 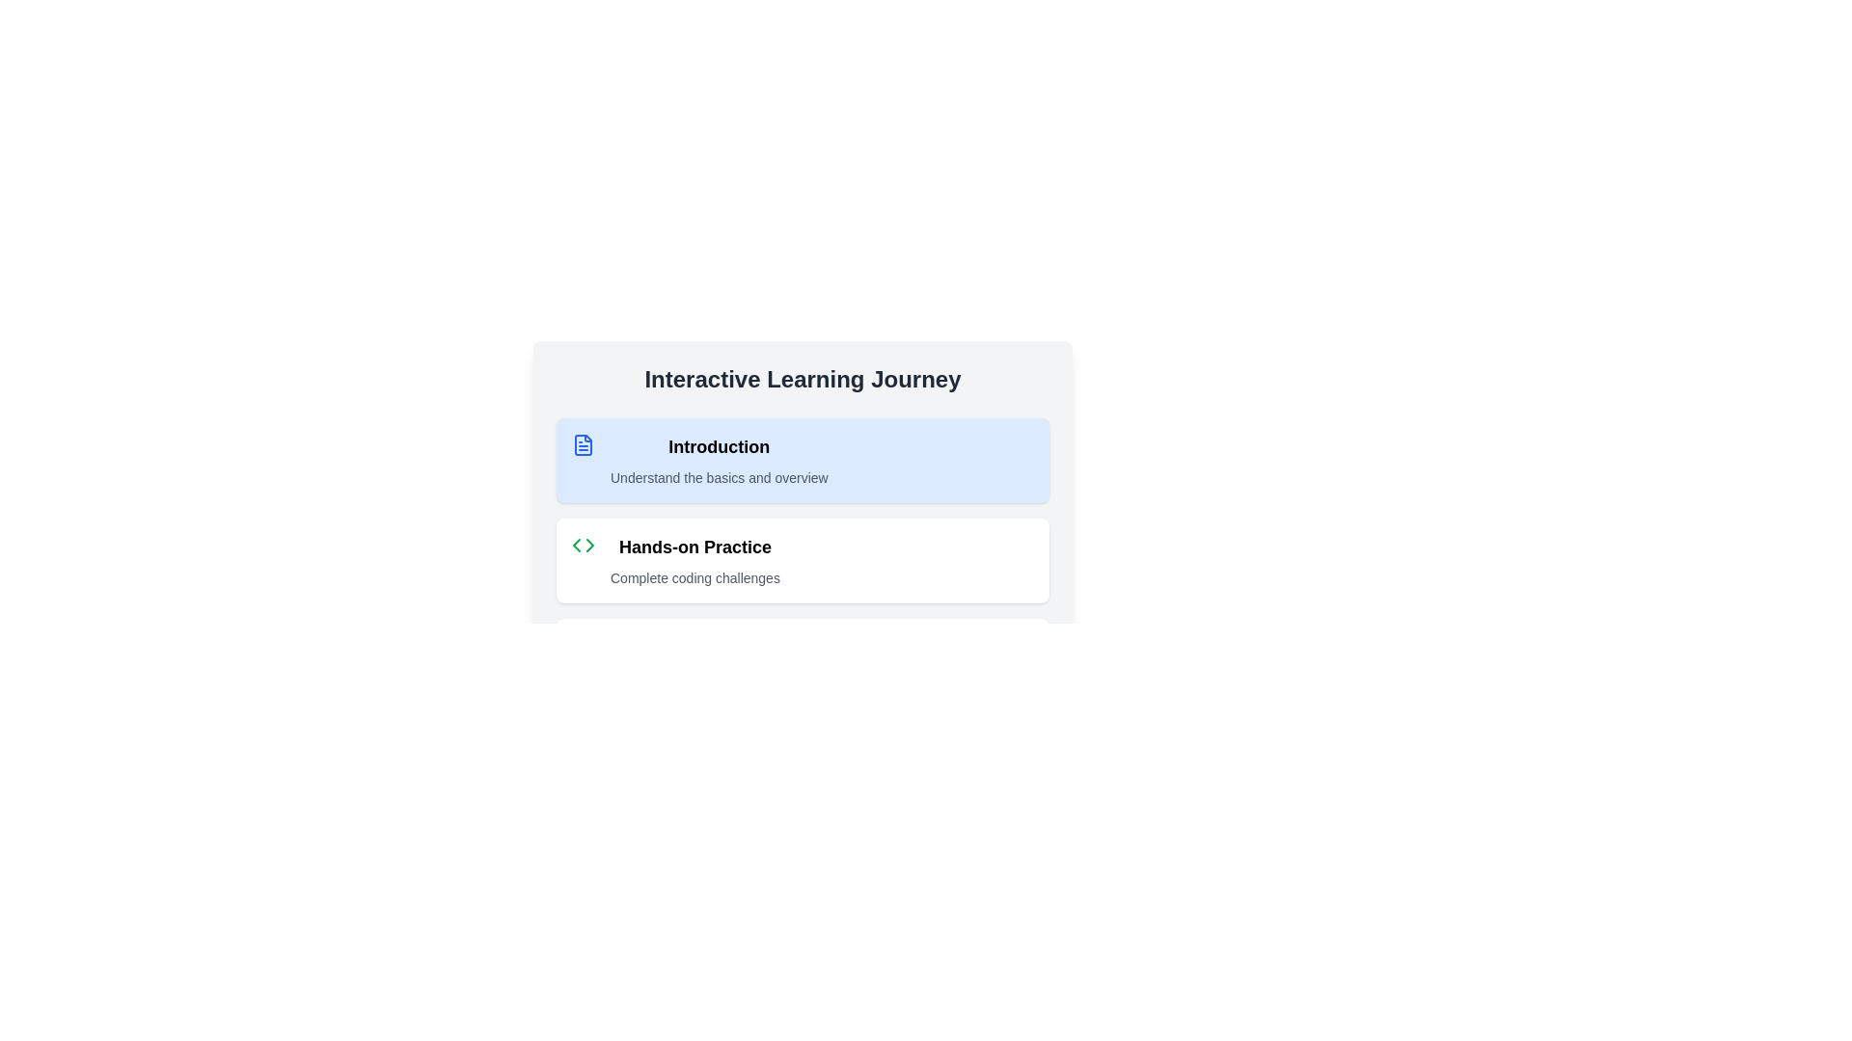 I want to click on the blue-colored file-like icon located on the left side of the 'Introduction' section within a card layout, so click(x=582, y=461).